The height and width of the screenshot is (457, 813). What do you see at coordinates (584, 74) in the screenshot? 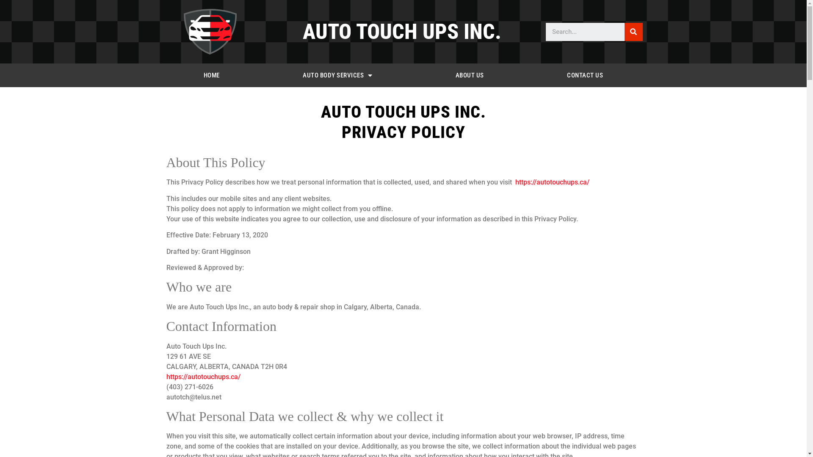
I see `'CONTACT US'` at bounding box center [584, 74].